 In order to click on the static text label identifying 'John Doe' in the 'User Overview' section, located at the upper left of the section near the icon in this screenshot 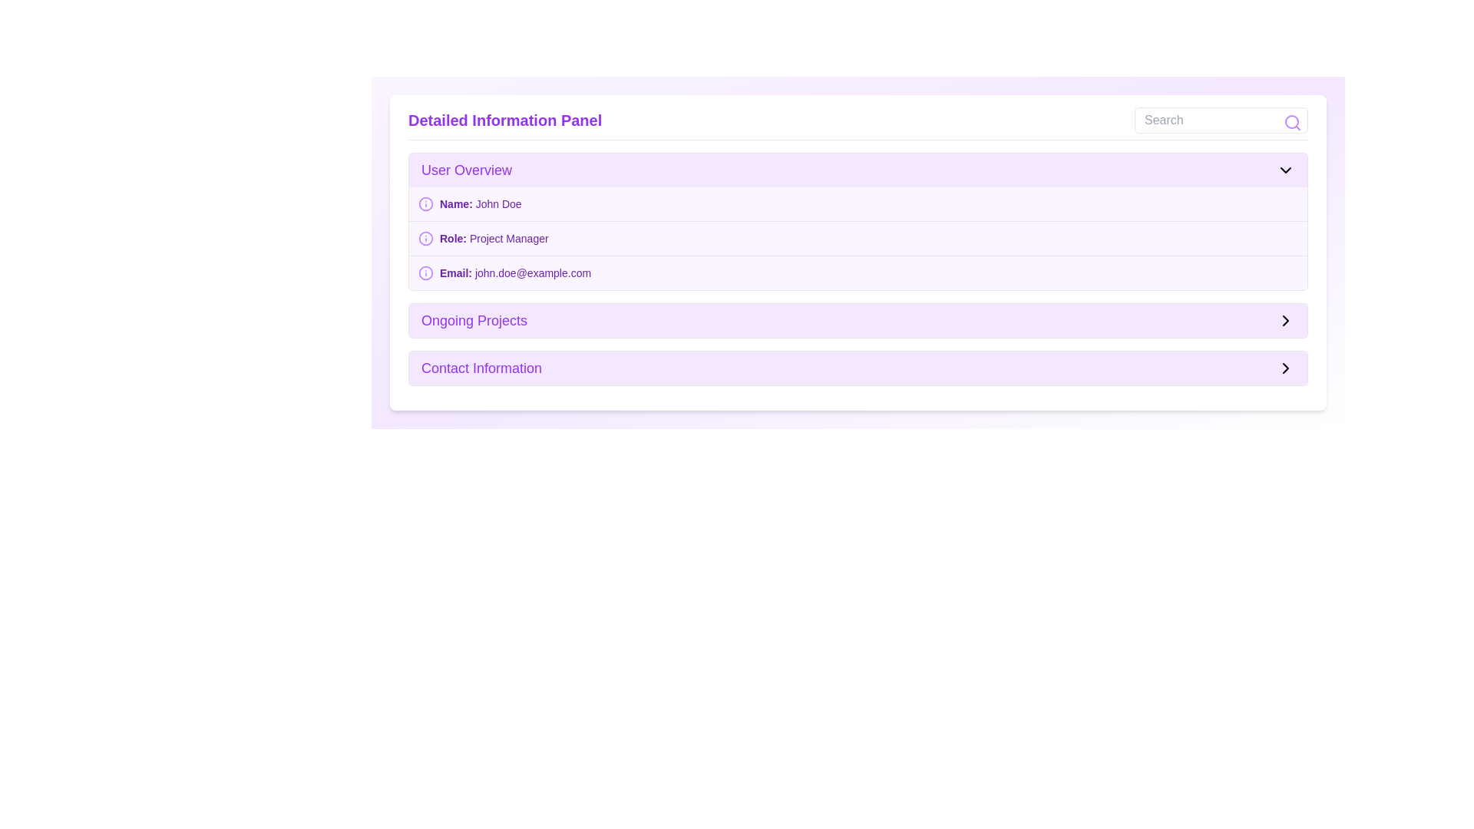, I will do `click(455, 203)`.